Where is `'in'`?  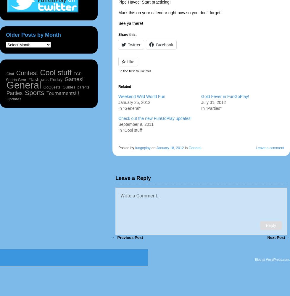 'in' is located at coordinates (186, 148).